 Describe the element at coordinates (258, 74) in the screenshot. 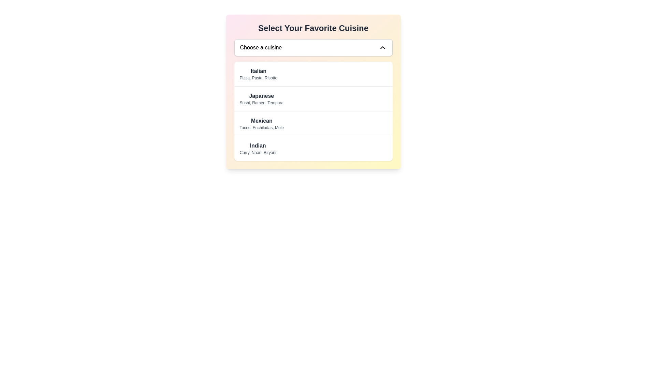

I see `the static text component displaying the title 'Italian' with details 'Pizza, Pasta, Risotto' in the dropdown menu for cuisine selection` at that location.